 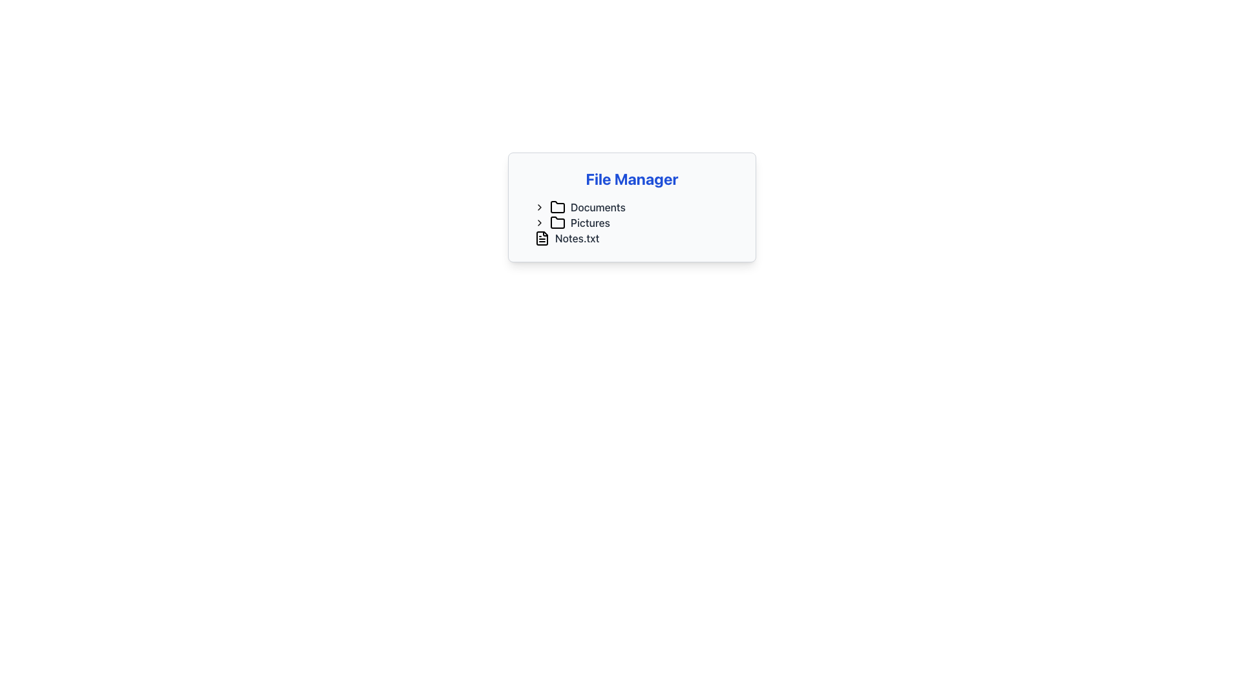 What do you see at coordinates (576, 238) in the screenshot?
I see `to select the text label displaying 'Notes.txt' in the file manager interface, which is the third item in the list under the 'File Manager' heading` at bounding box center [576, 238].